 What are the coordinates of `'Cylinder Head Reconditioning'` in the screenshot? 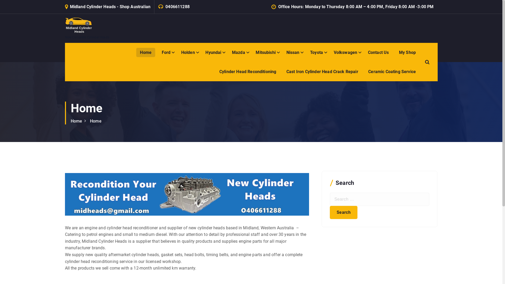 It's located at (247, 72).